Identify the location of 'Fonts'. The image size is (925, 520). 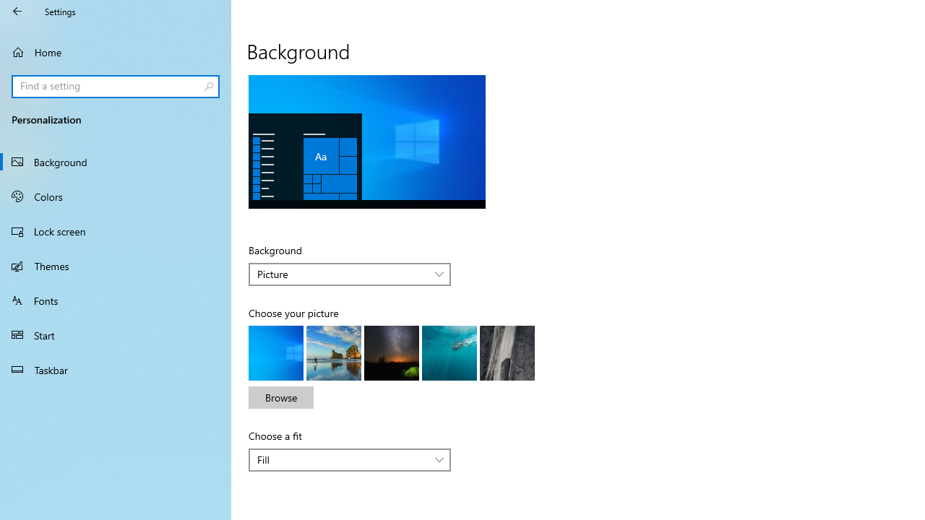
(116, 299).